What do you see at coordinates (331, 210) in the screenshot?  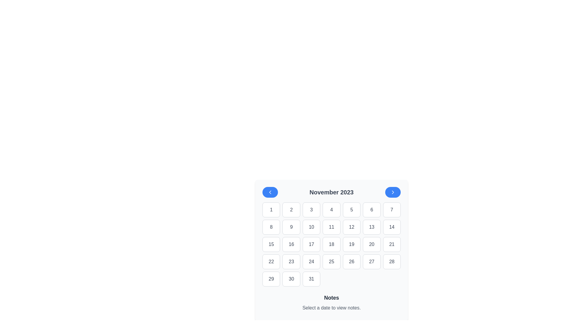 I see `the button displaying the number '4' in the first row of the calendar layout` at bounding box center [331, 210].